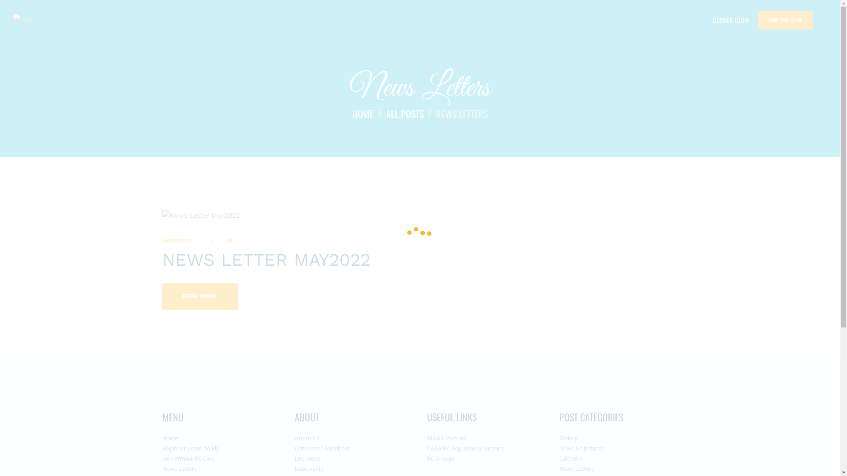  What do you see at coordinates (446, 439) in the screenshot?
I see `'MAAA Victoria'` at bounding box center [446, 439].